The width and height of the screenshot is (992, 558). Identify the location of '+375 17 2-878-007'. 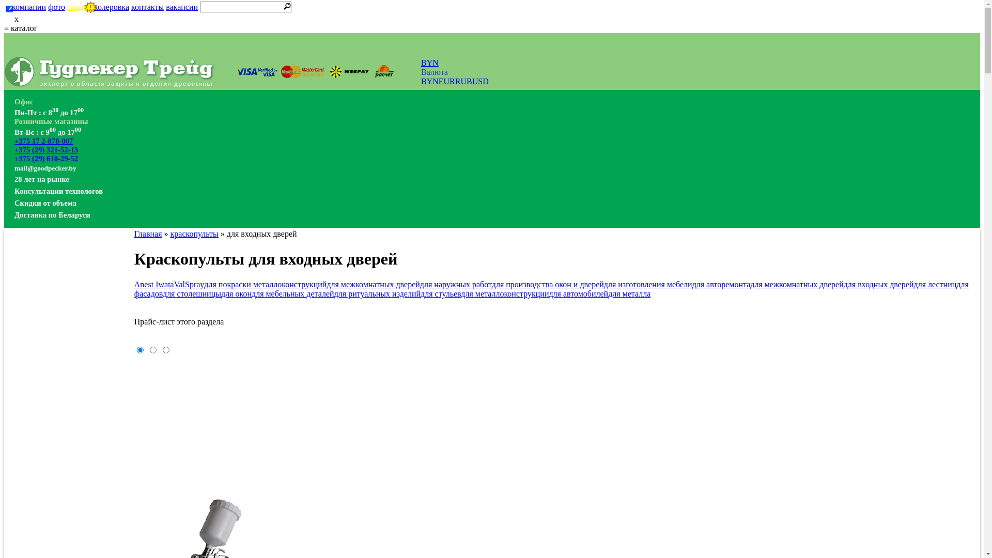
(14, 141).